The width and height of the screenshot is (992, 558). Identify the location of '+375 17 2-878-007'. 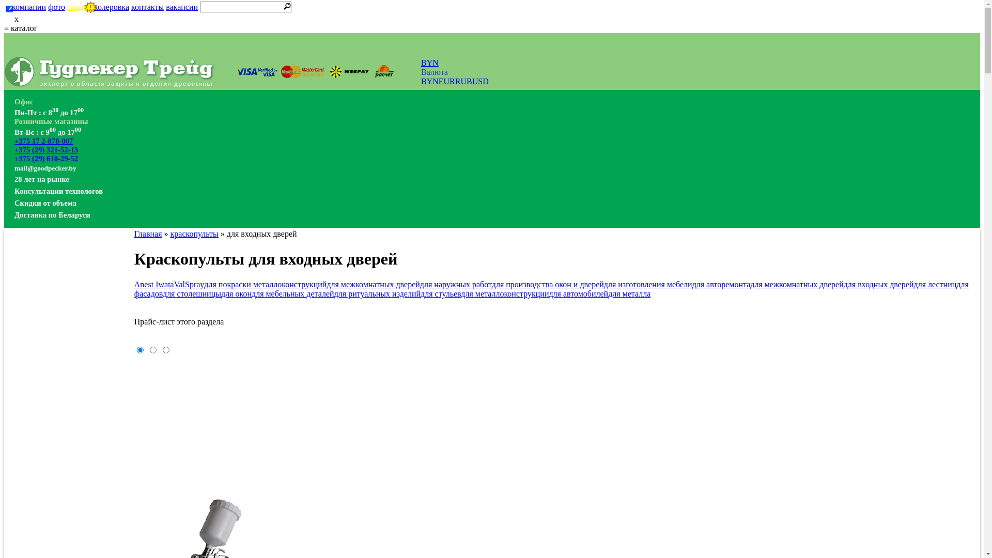
(14, 141).